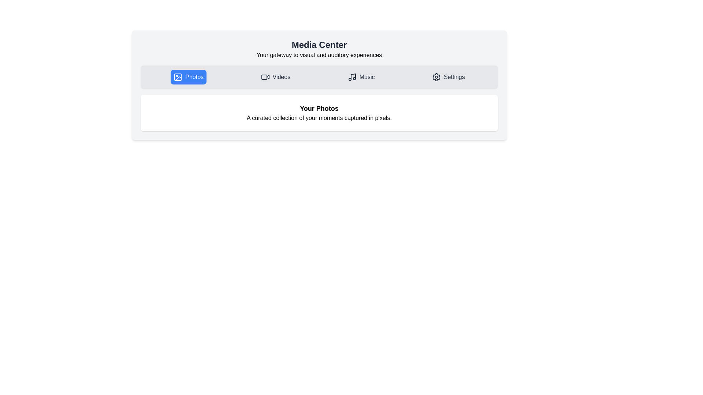 Image resolution: width=703 pixels, height=395 pixels. I want to click on the thin, slanted line of the music note icon in the top navigation bar, located between the 'Videos' and 'Settings' icons, so click(353, 76).